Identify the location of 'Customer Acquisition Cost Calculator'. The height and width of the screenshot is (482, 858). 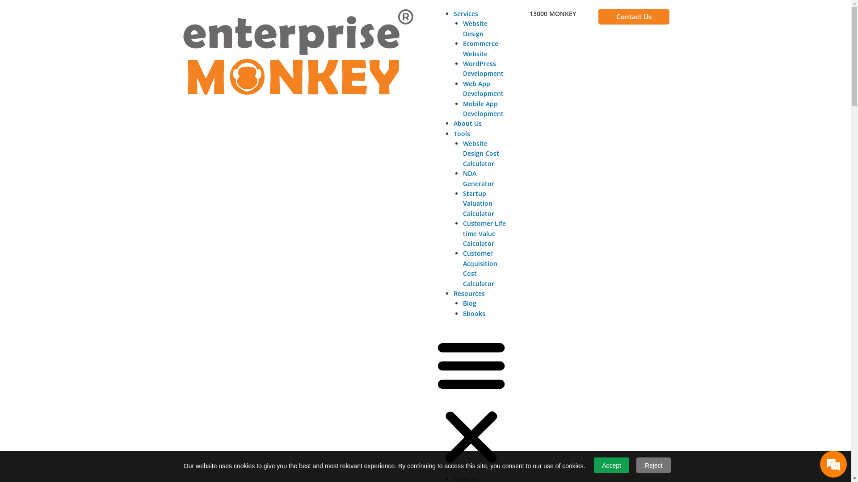
(479, 268).